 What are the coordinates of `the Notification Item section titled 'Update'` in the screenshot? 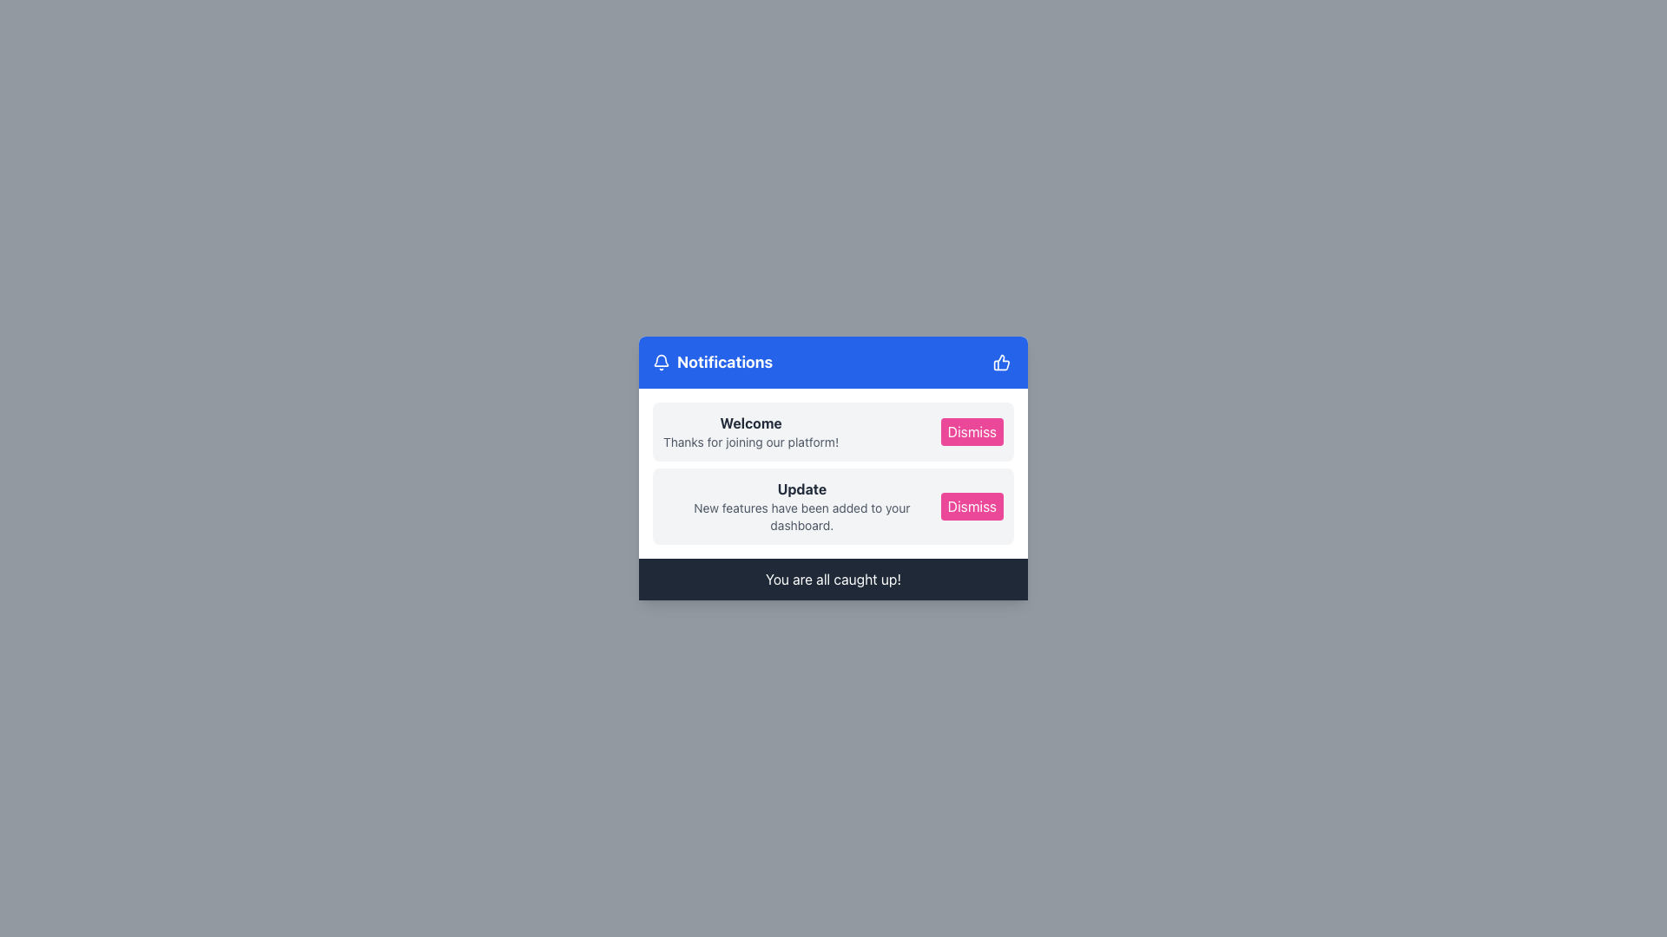 It's located at (833, 474).